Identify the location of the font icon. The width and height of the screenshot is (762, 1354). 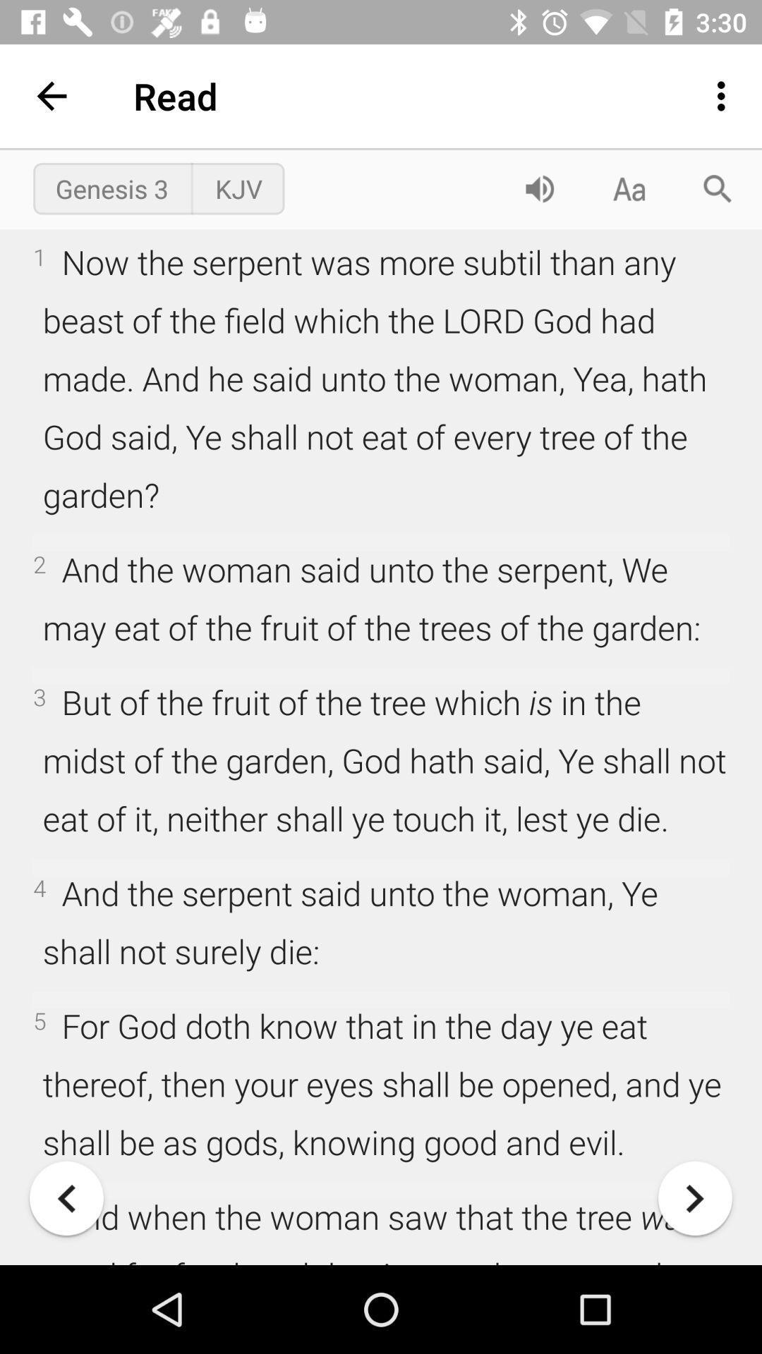
(628, 188).